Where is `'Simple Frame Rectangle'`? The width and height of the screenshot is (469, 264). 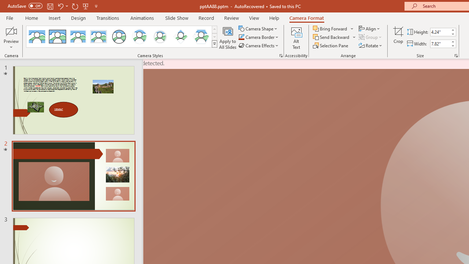
'Simple Frame Rectangle' is located at coordinates (57, 37).